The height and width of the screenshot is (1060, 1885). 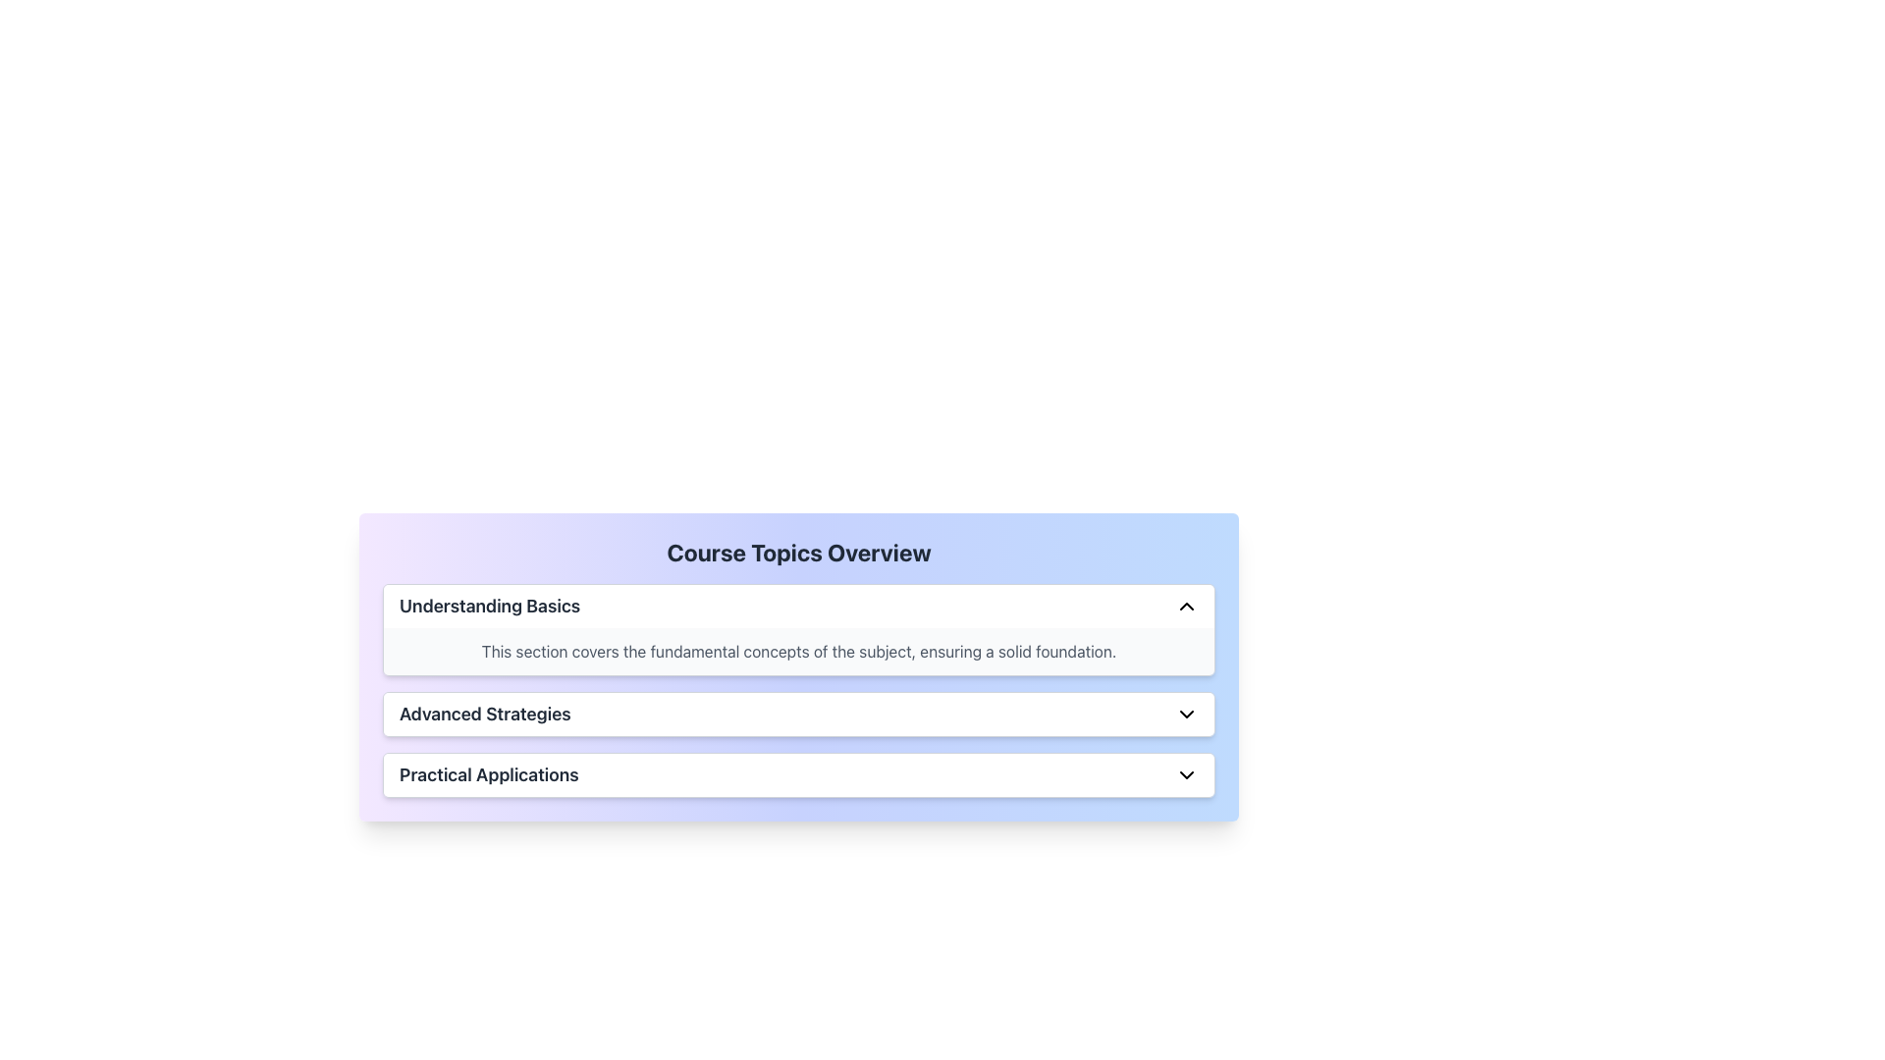 What do you see at coordinates (1186, 605) in the screenshot?
I see `the toggle icon button located at the far right end of the expanded 'Understanding Basics' section` at bounding box center [1186, 605].